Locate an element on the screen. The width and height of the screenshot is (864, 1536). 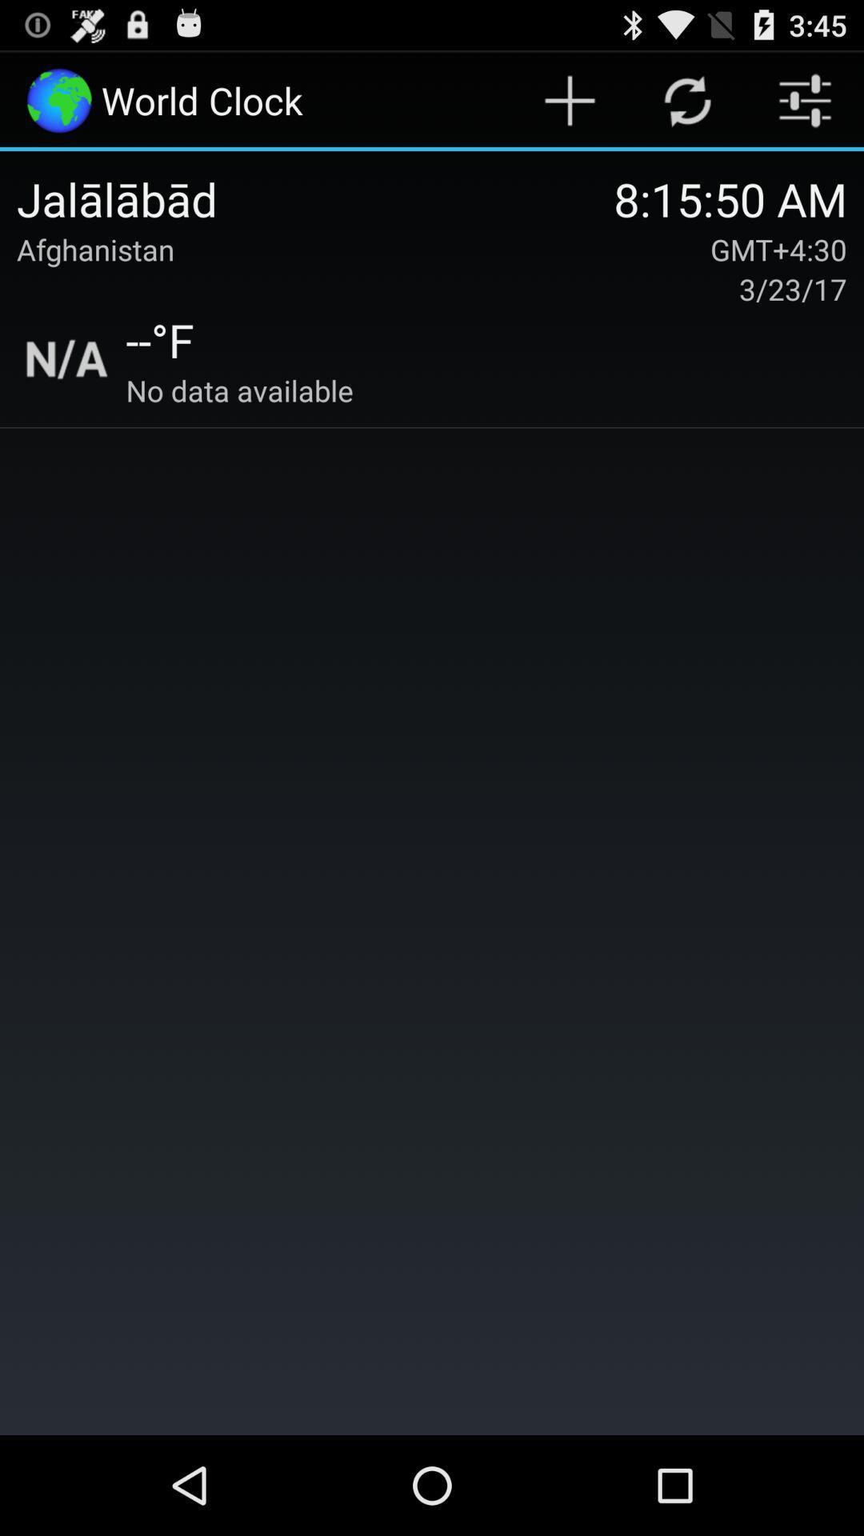
logo left side of world clock is located at coordinates (58, 99).